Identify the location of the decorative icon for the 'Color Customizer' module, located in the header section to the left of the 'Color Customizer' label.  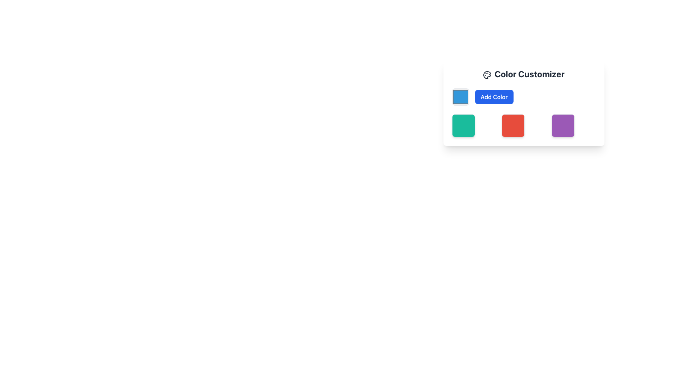
(487, 75).